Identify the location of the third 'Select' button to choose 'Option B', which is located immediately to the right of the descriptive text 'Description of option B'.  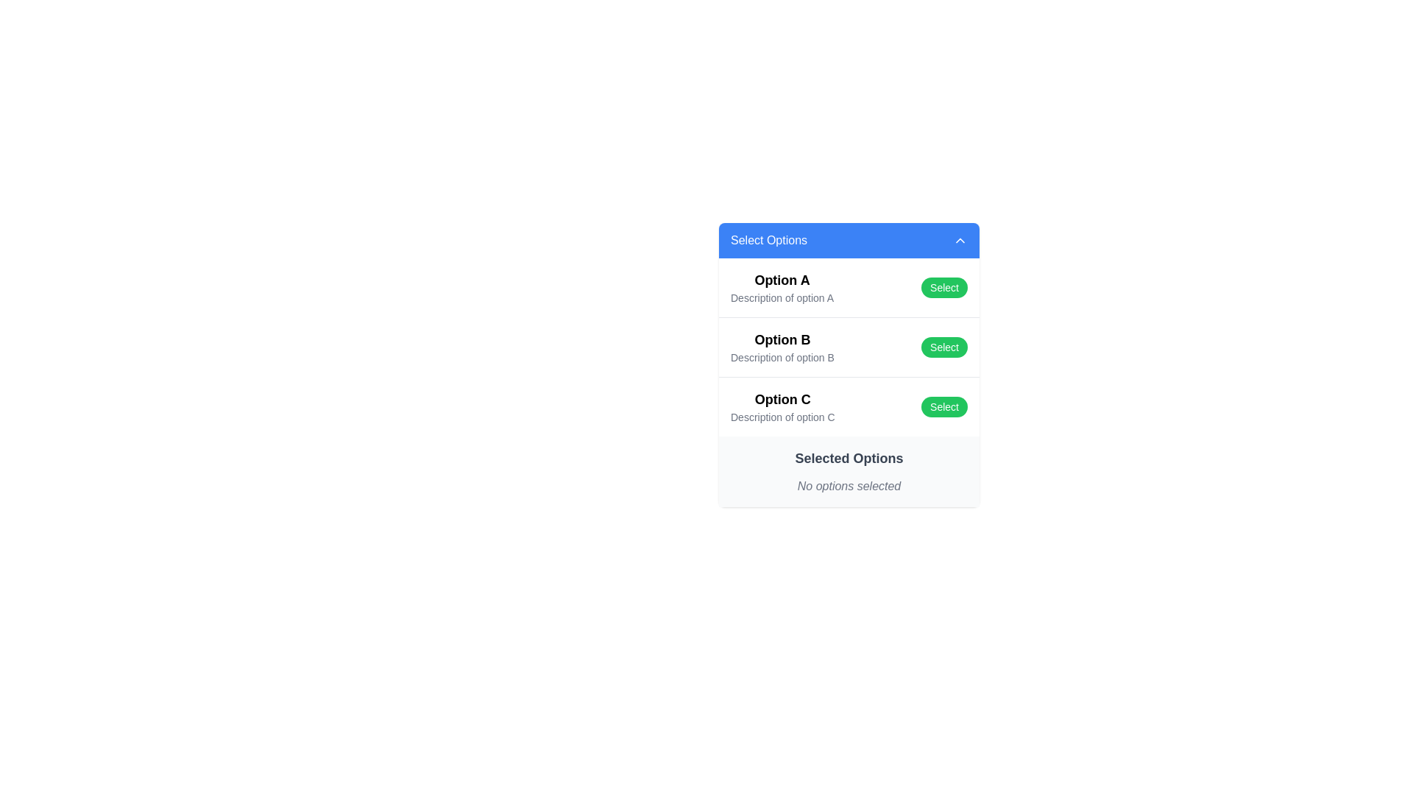
(944, 347).